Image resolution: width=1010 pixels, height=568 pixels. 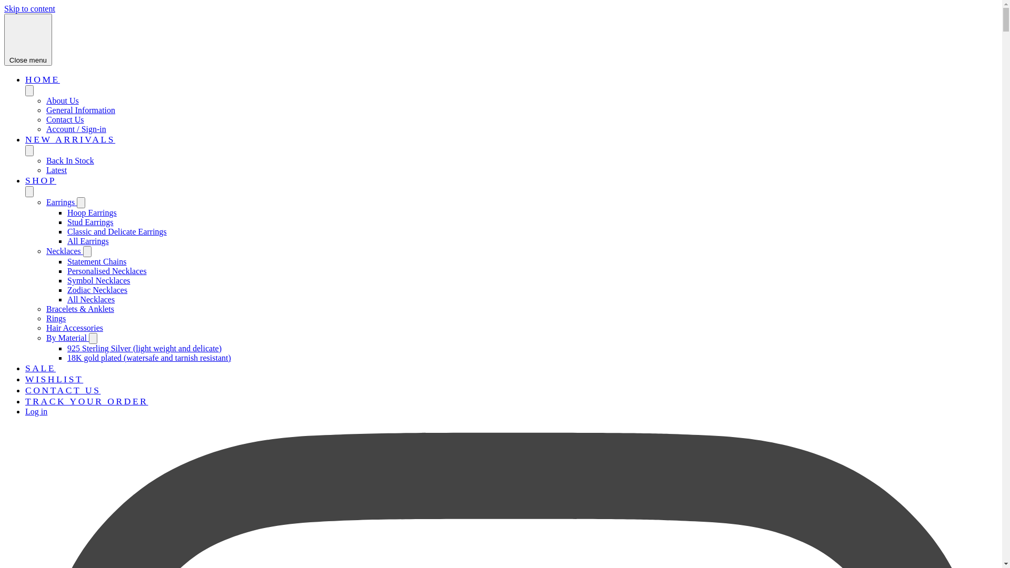 I want to click on 'Account / Sign-in', so click(x=75, y=128).